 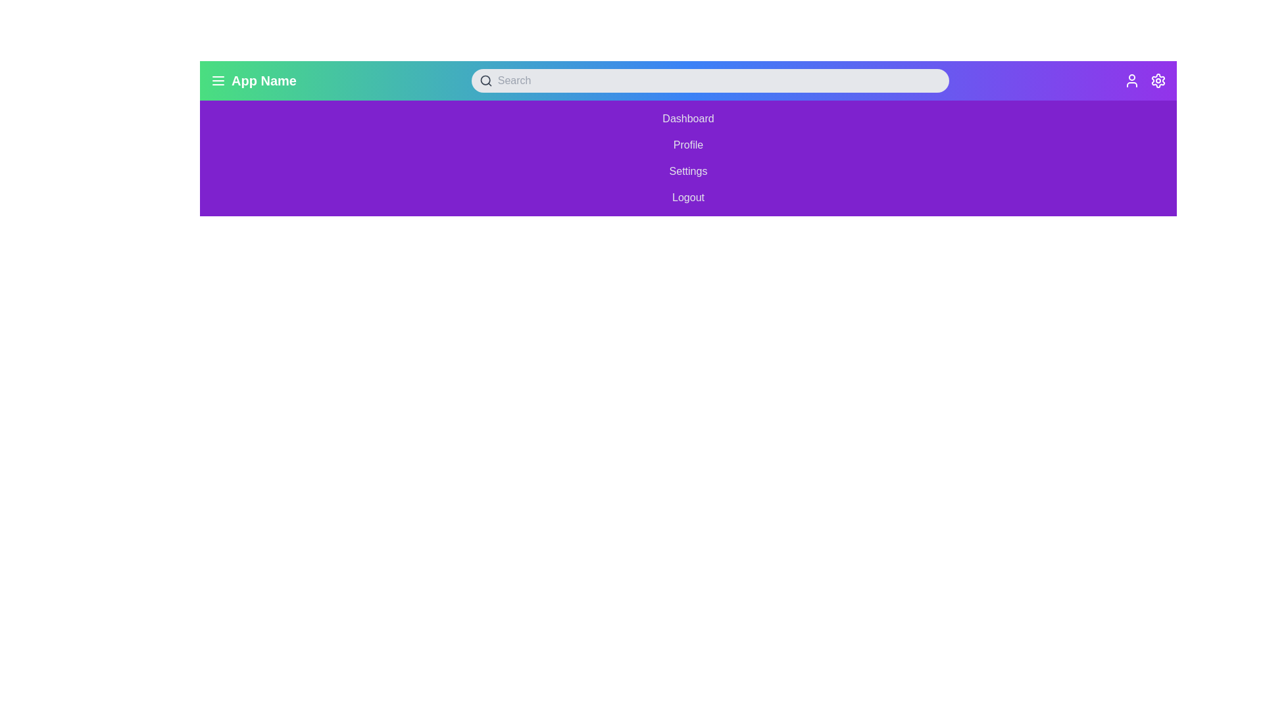 What do you see at coordinates (687, 119) in the screenshot?
I see `the navigational button labeled 'Dashboard'` at bounding box center [687, 119].